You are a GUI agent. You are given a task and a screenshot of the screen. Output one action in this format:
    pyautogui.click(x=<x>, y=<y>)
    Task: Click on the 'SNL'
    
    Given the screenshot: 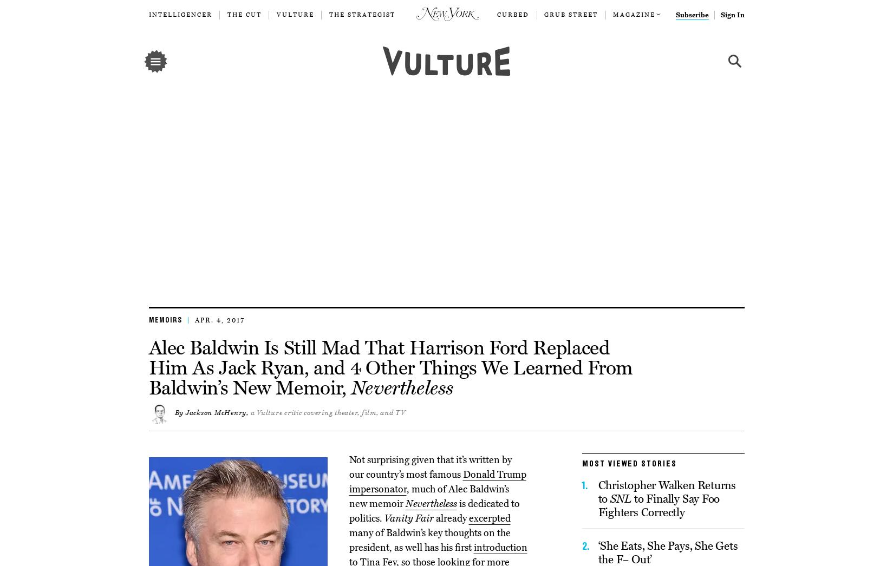 What is the action you would take?
    pyautogui.click(x=621, y=498)
    